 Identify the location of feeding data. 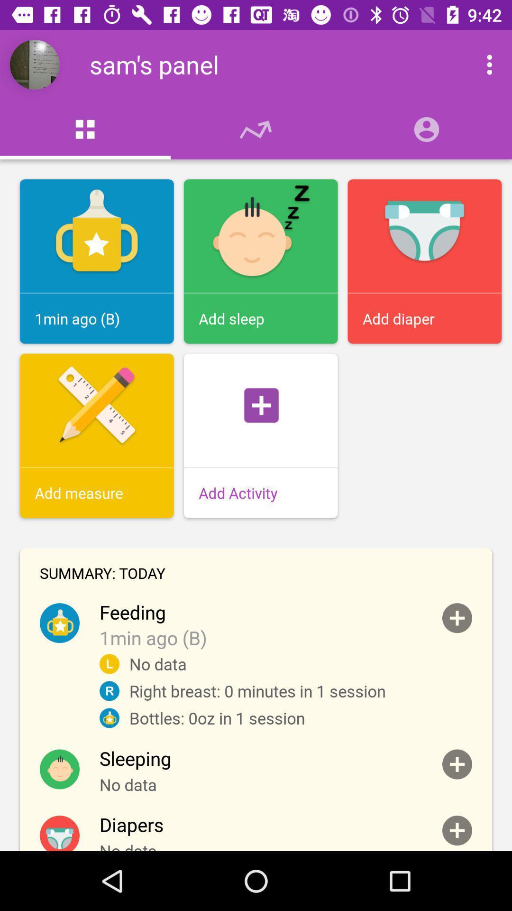
(457, 618).